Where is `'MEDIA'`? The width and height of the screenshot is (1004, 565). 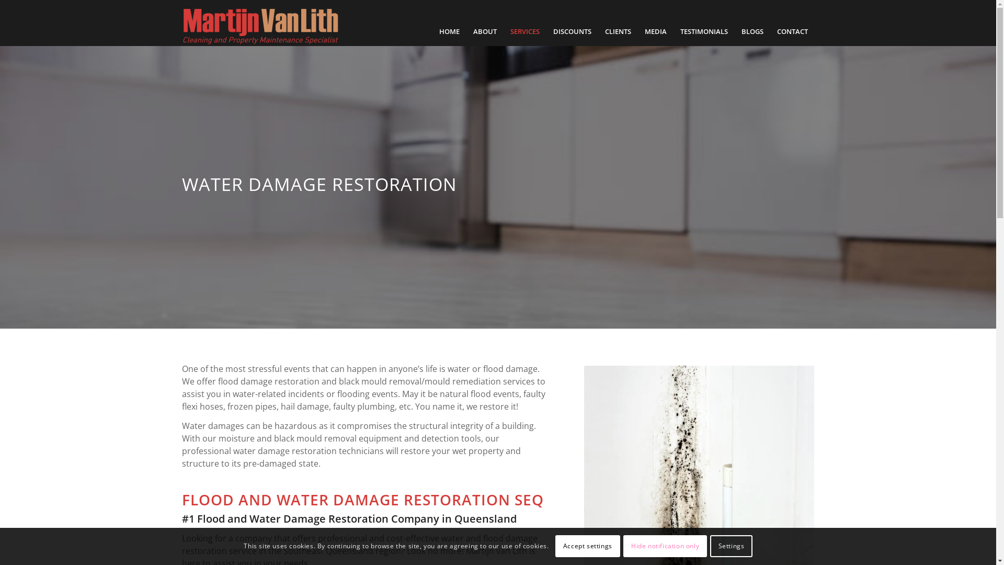 'MEDIA' is located at coordinates (655, 31).